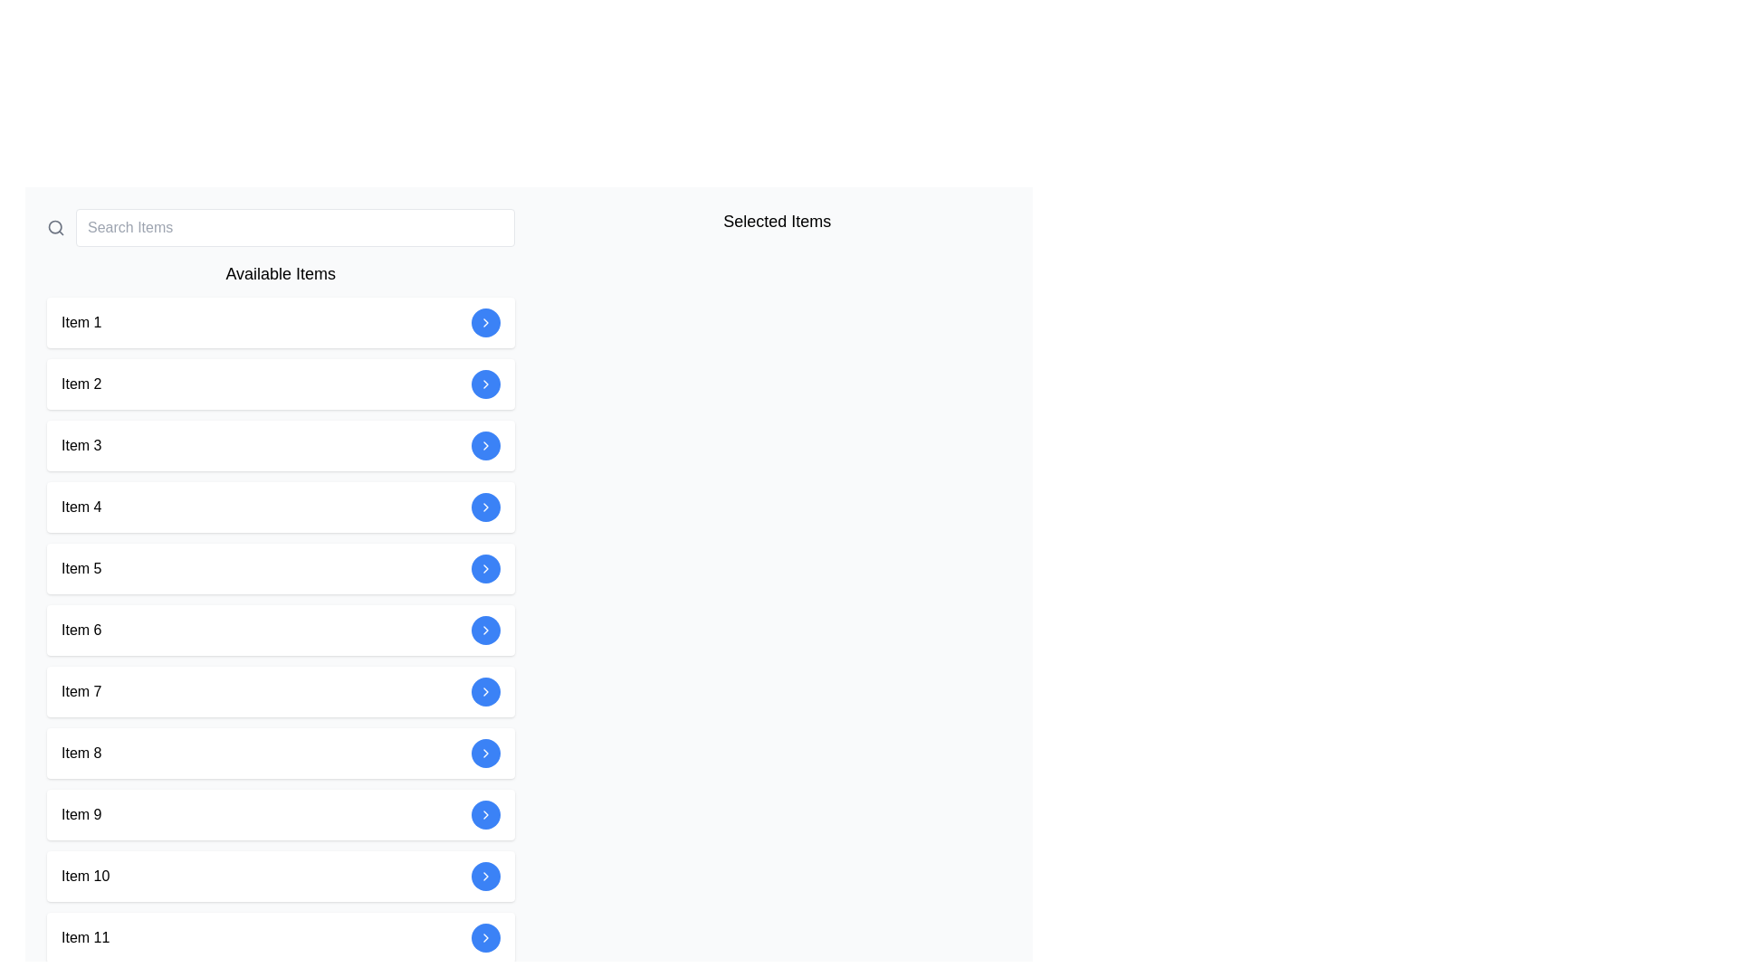  Describe the element at coordinates (485, 815) in the screenshot. I see `the circular blue button with a white rightward chevron icon located in the 'Item 9' list` at that location.